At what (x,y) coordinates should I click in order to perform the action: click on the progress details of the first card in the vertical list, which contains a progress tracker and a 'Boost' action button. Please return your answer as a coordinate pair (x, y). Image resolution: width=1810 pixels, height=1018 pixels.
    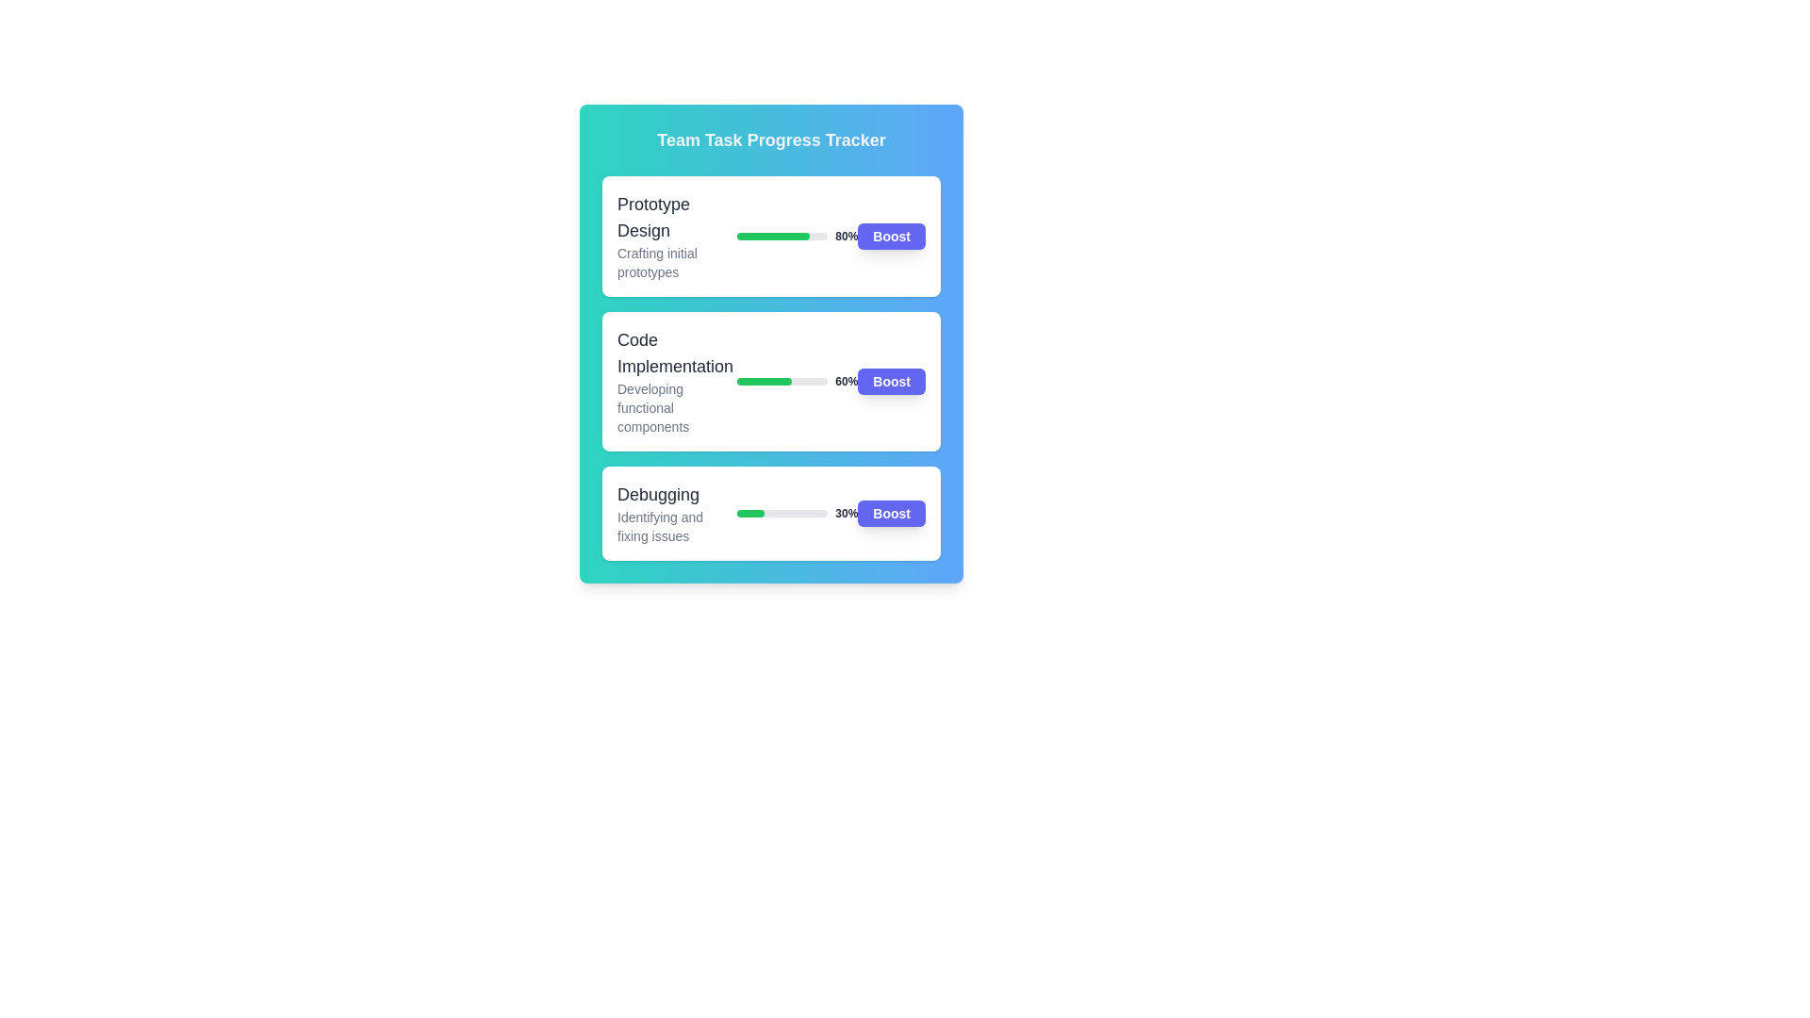
    Looking at the image, I should click on (771, 235).